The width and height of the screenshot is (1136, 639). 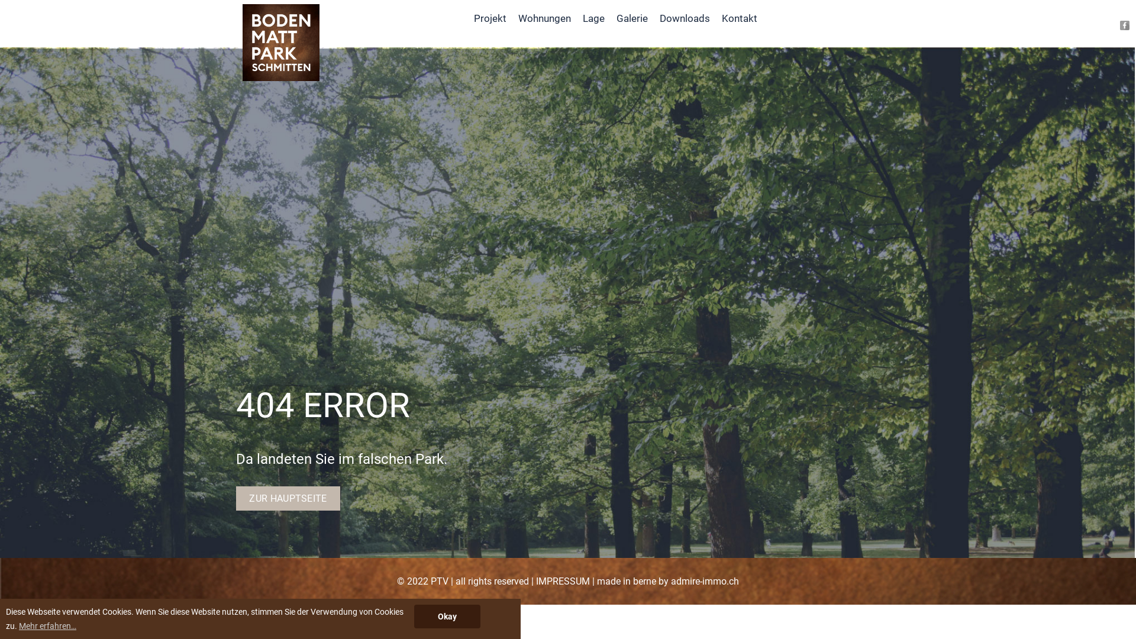 What do you see at coordinates (562, 580) in the screenshot?
I see `'IMPRESSUM'` at bounding box center [562, 580].